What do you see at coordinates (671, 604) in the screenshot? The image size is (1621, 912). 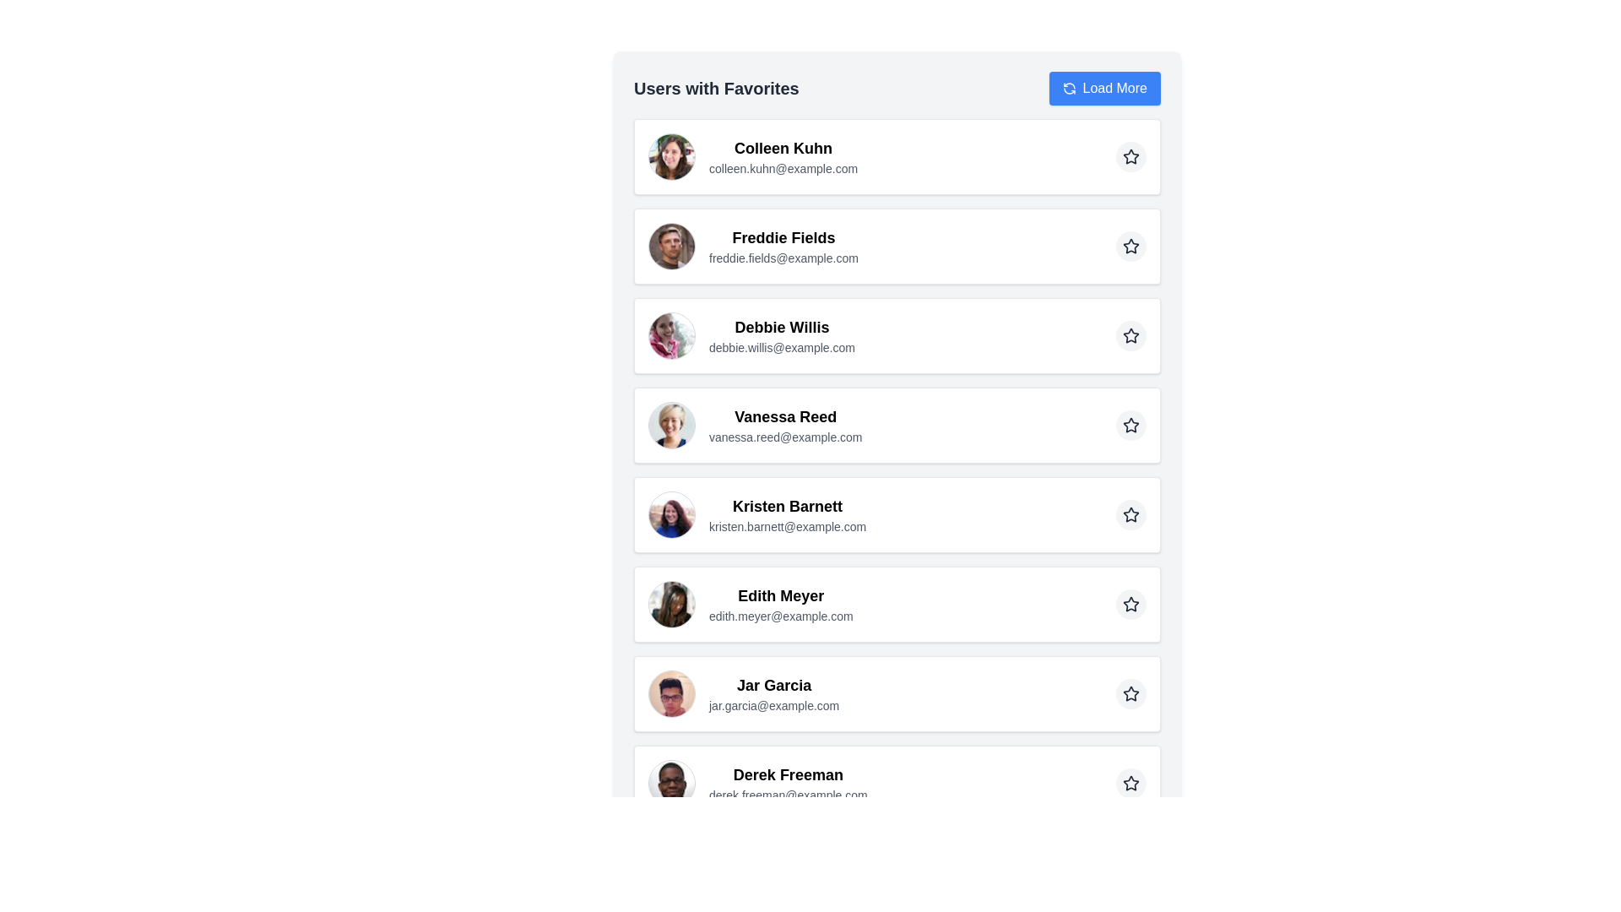 I see `the circular user profile image of 'Edith Meyer', which is the leftmost component of the sixth user card in a vertical list` at bounding box center [671, 604].